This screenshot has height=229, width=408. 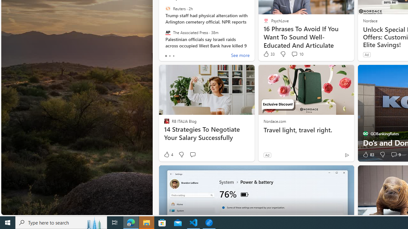 What do you see at coordinates (170, 56) in the screenshot?
I see `'tab-1'` at bounding box center [170, 56].